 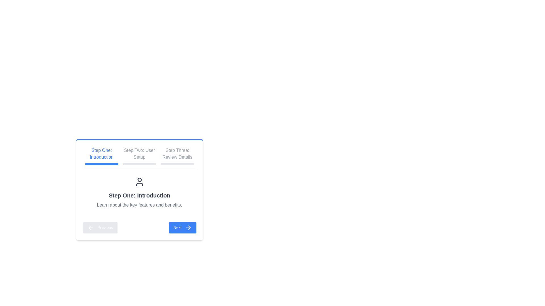 What do you see at coordinates (177, 164) in the screenshot?
I see `the progress indicator or separator, which is a thin horizontal bar with rounded edges, positioned directly below the text 'Step Three: Review Details'` at bounding box center [177, 164].